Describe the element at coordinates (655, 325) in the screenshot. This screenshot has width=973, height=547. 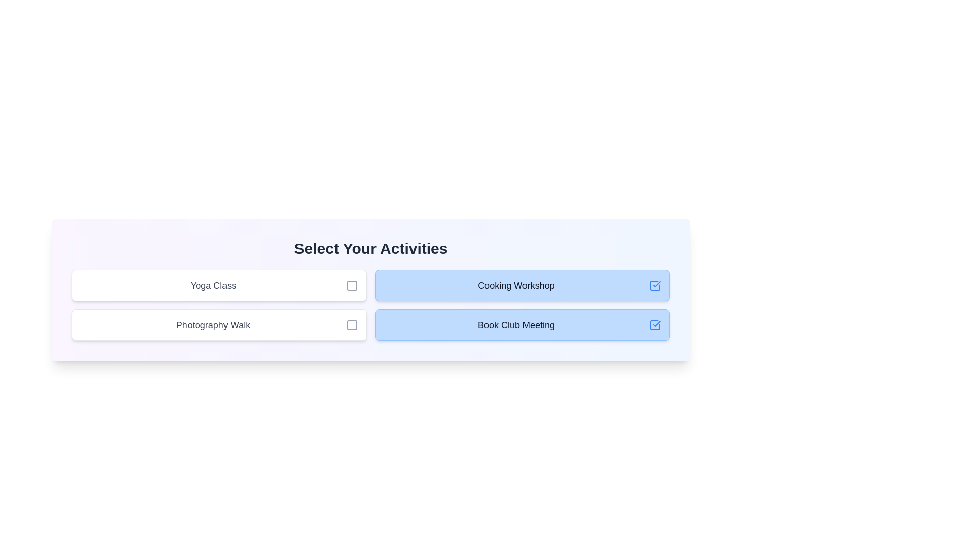
I see `the activity identified by its name Book Club Meeting` at that location.